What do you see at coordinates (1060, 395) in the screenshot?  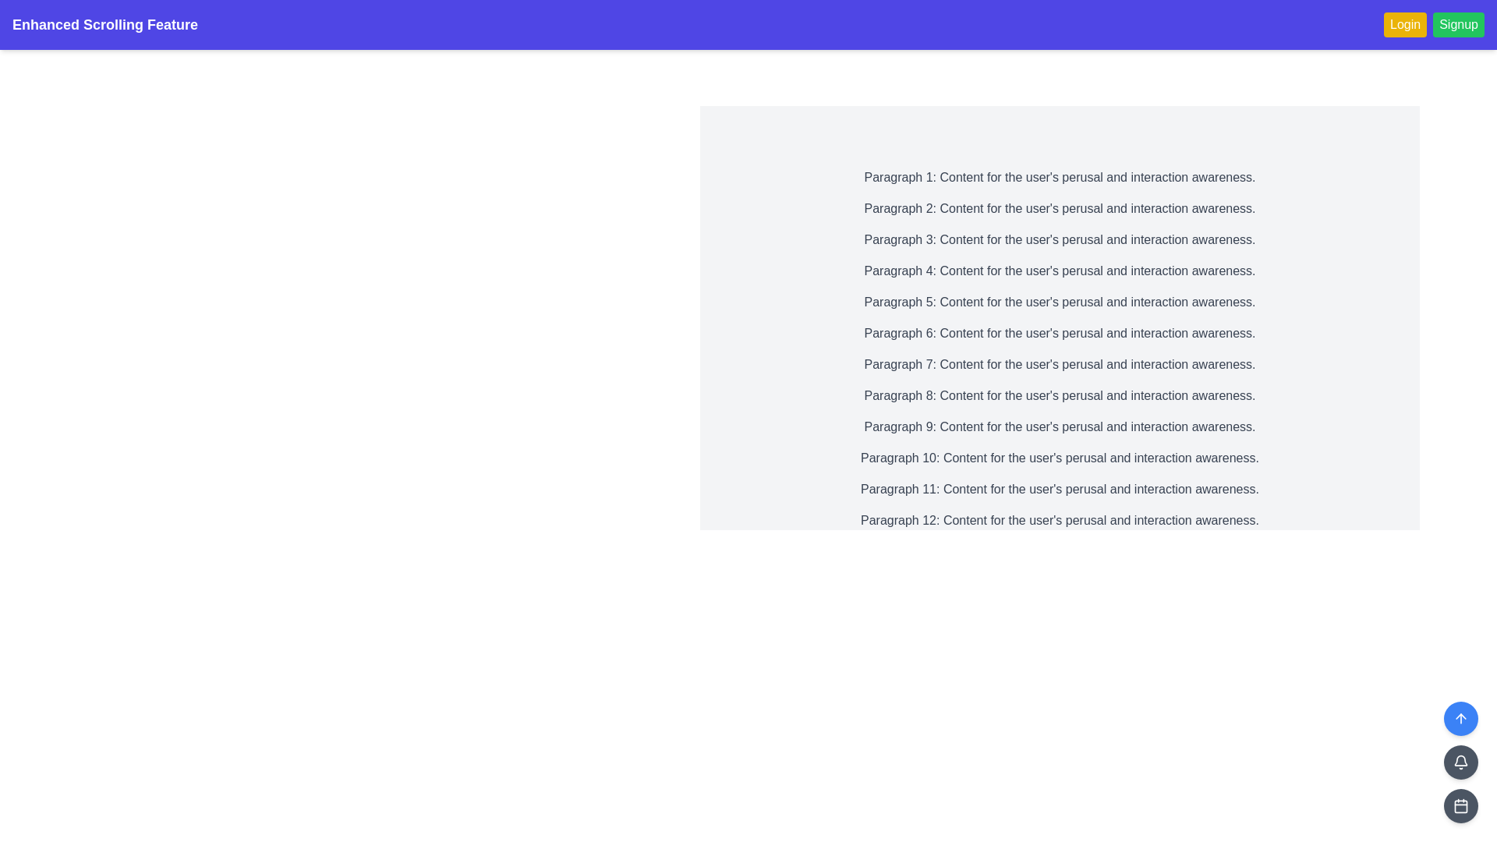 I see `the static text element displaying 'Paragraph 8: Content for the user's perusal and interaction awareness.', which is the eighth item in a list of paragraphs` at bounding box center [1060, 395].